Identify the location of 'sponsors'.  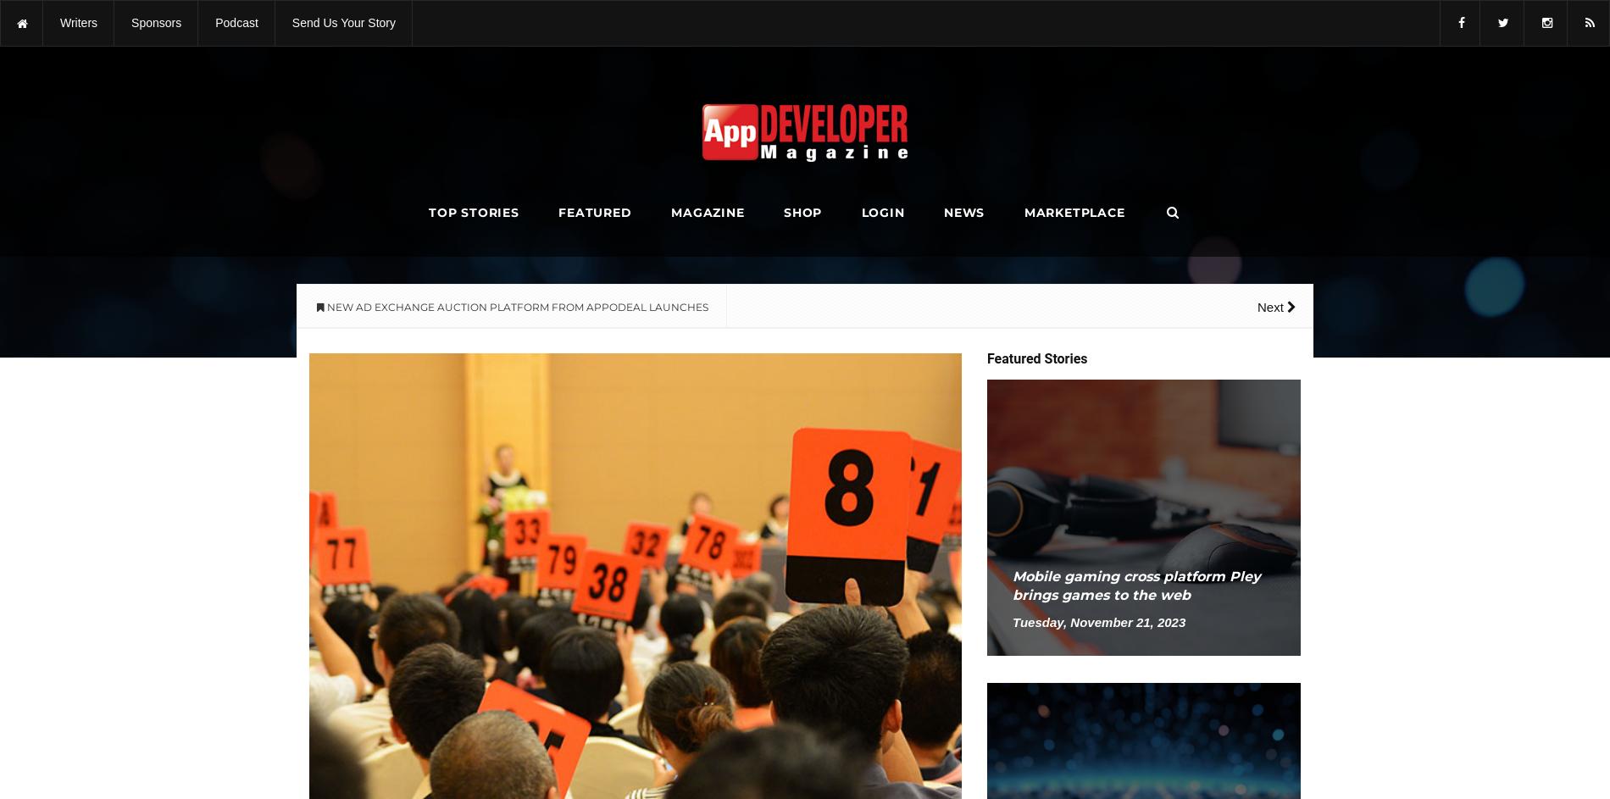
(131, 22).